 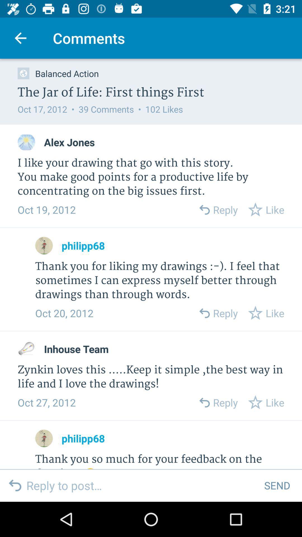 I want to click on the inhouse team icon, so click(x=76, y=349).